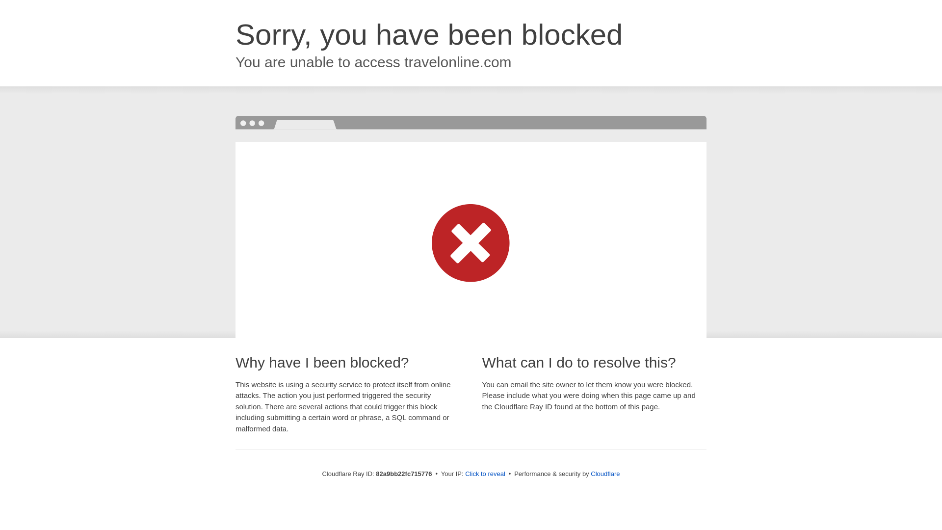  What do you see at coordinates (485, 473) in the screenshot?
I see `'Click to reveal'` at bounding box center [485, 473].